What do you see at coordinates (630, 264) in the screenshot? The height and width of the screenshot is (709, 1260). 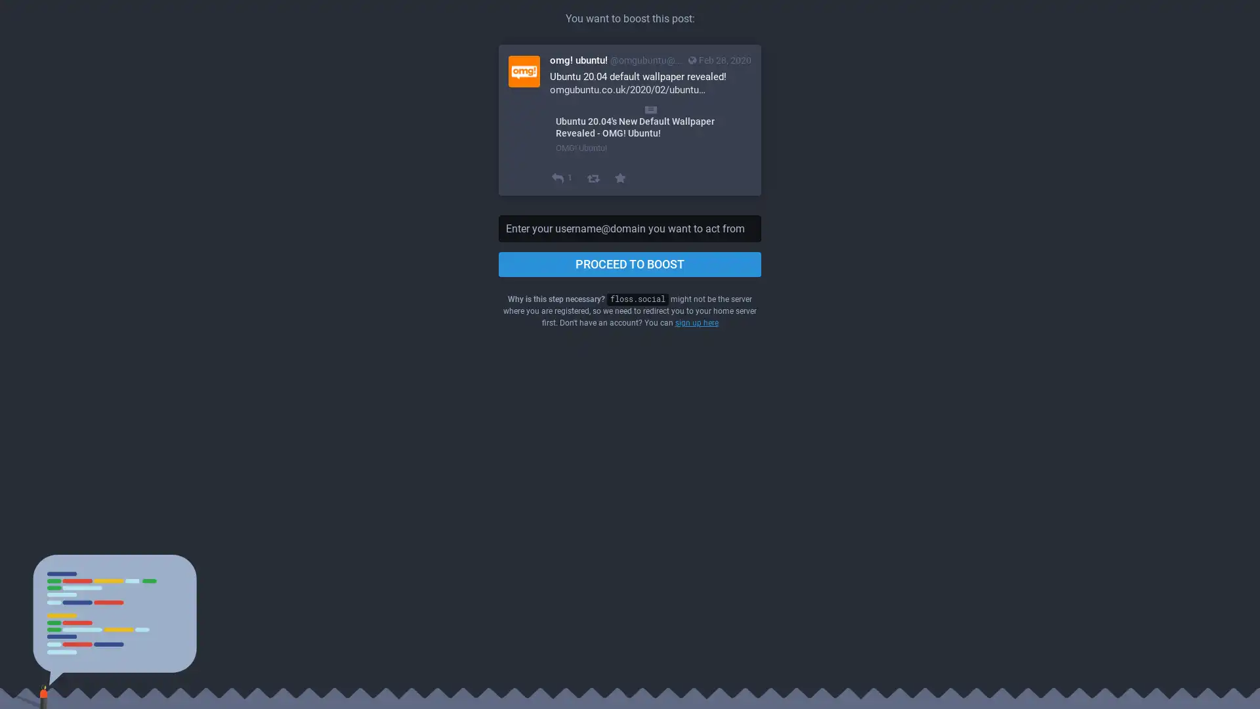 I see `PROCEED TO BOOST` at bounding box center [630, 264].